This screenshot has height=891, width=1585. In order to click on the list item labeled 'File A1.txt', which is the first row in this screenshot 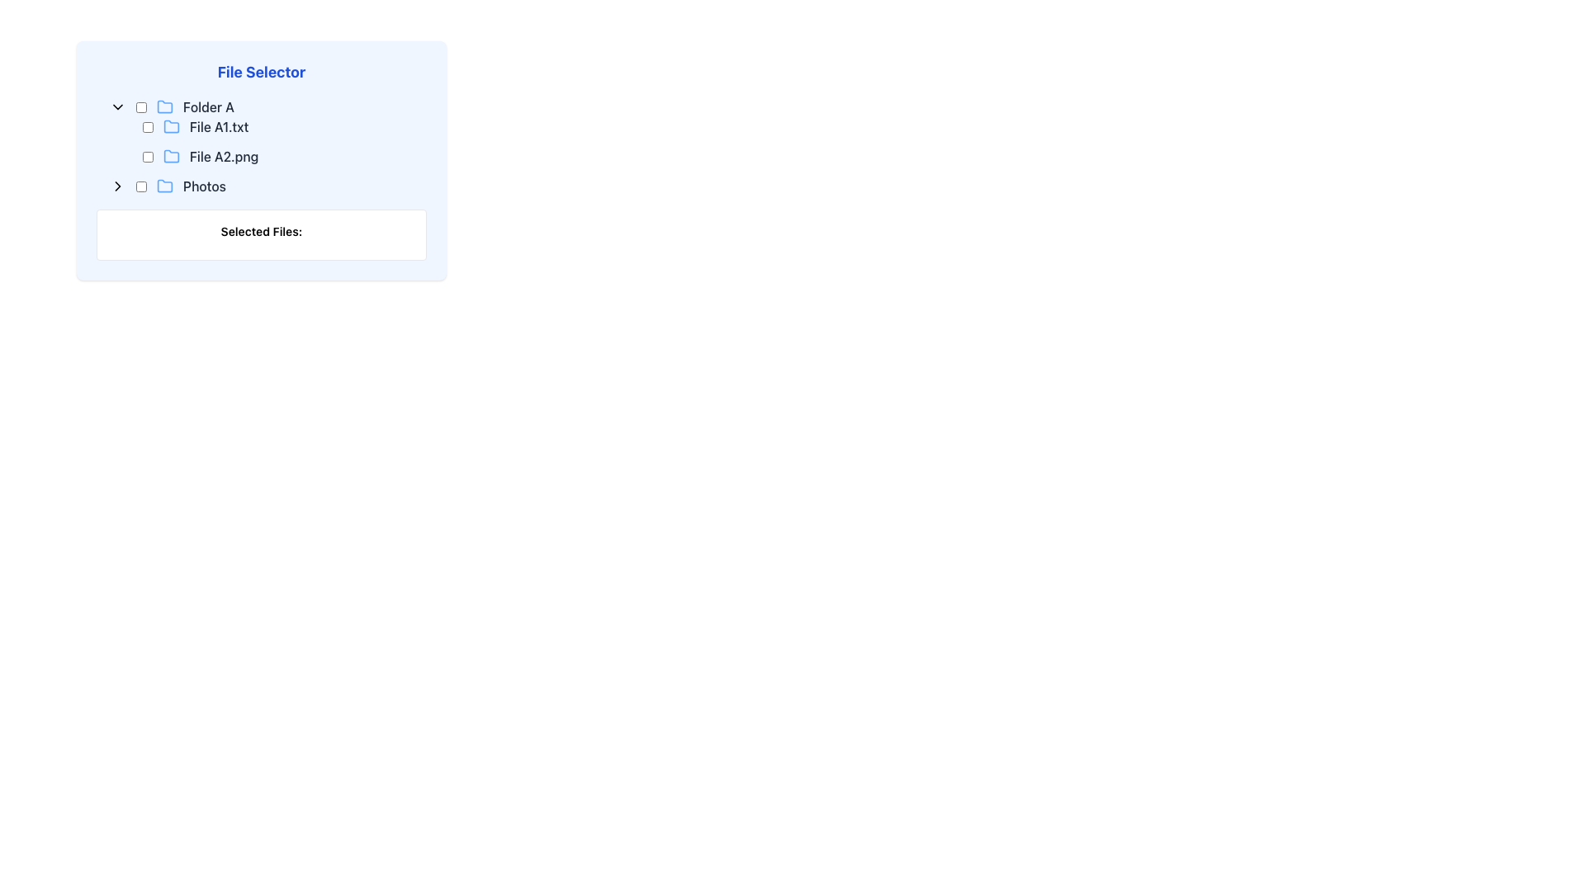, I will do `click(285, 126)`.